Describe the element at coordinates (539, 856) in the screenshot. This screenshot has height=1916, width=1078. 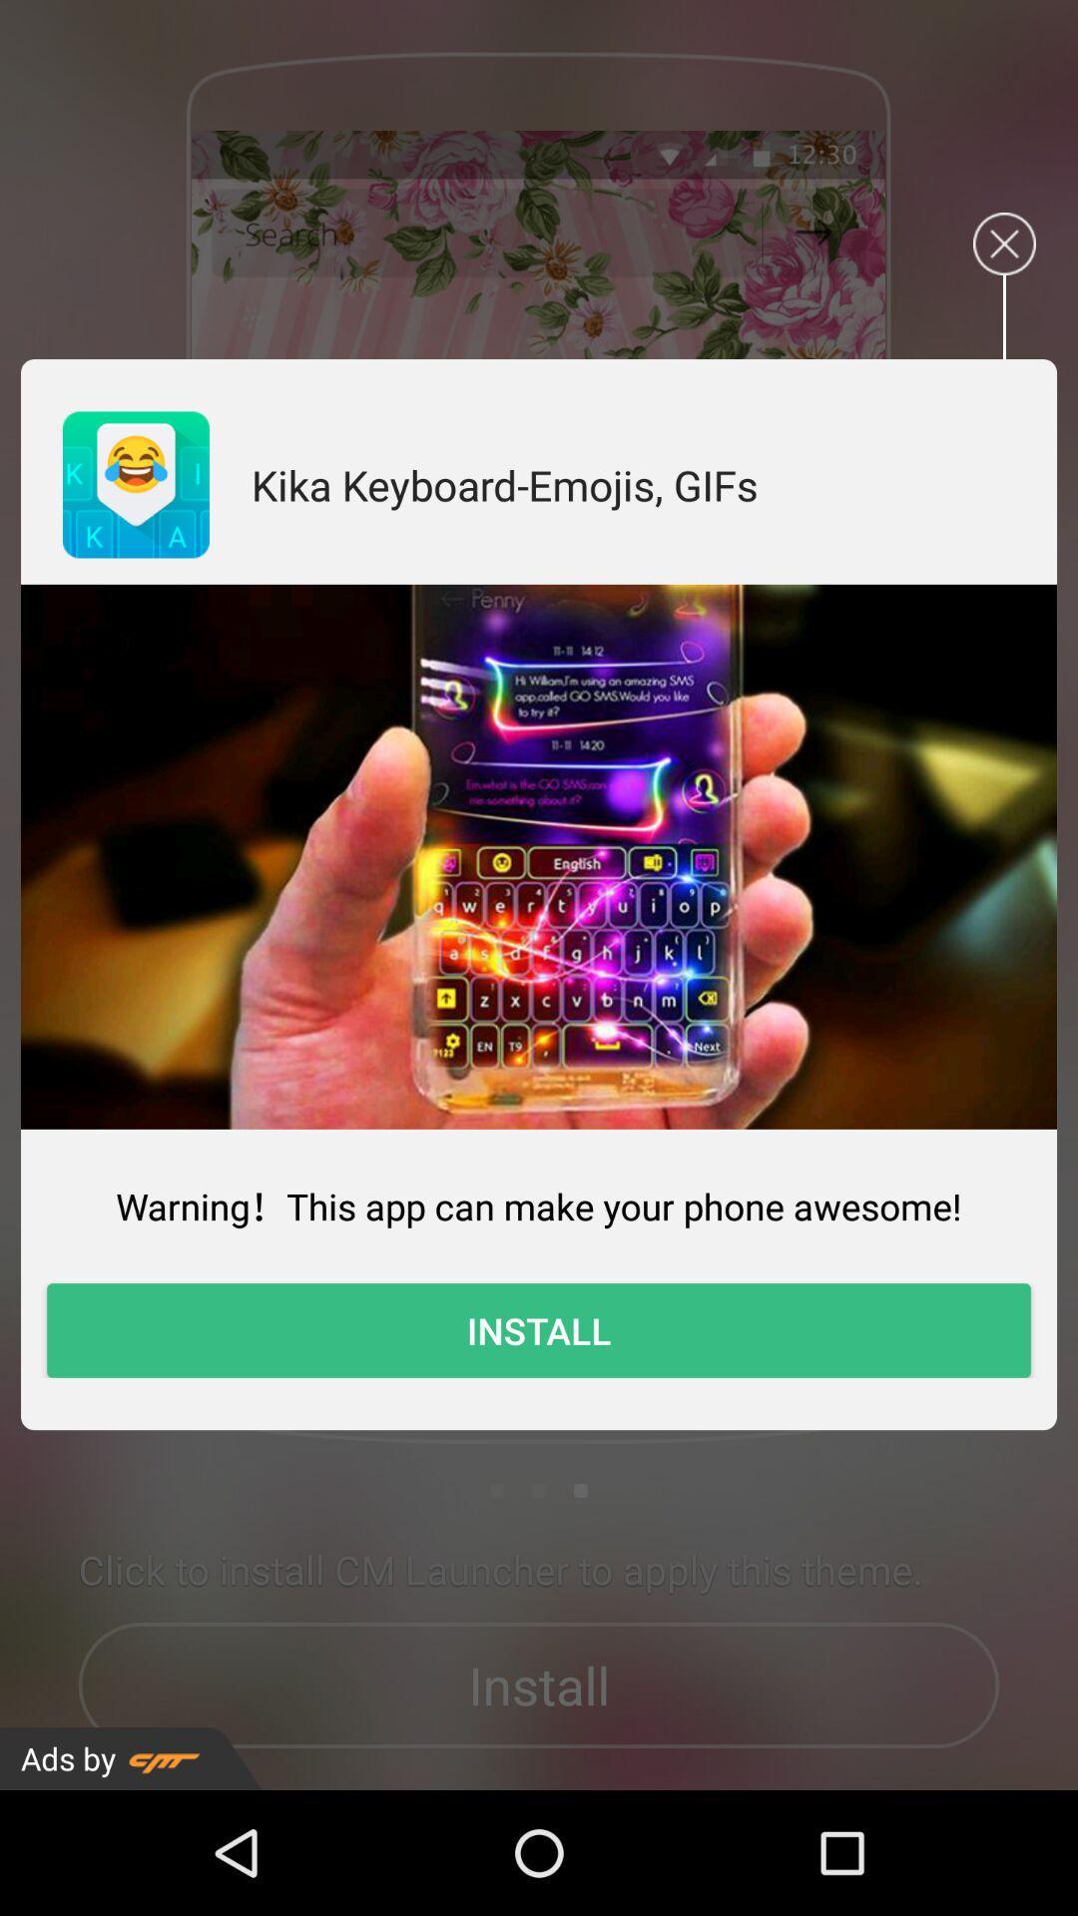
I see `app above the warning this app` at that location.